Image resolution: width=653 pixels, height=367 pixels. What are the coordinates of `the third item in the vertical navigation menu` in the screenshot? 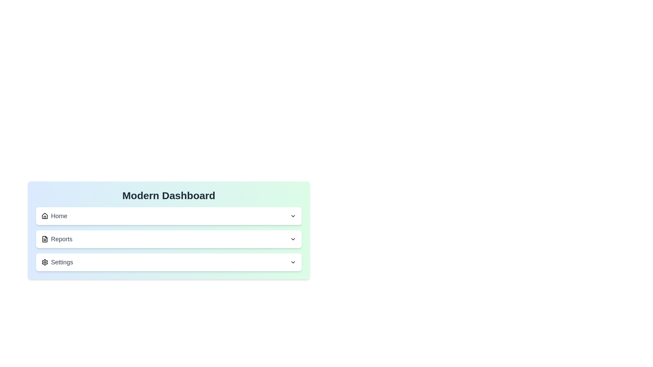 It's located at (57, 262).